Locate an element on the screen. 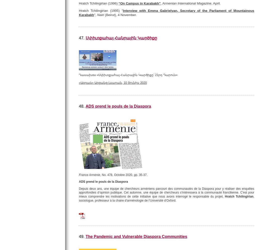 This screenshot has height=250, width=258. '49.' is located at coordinates (78, 236).